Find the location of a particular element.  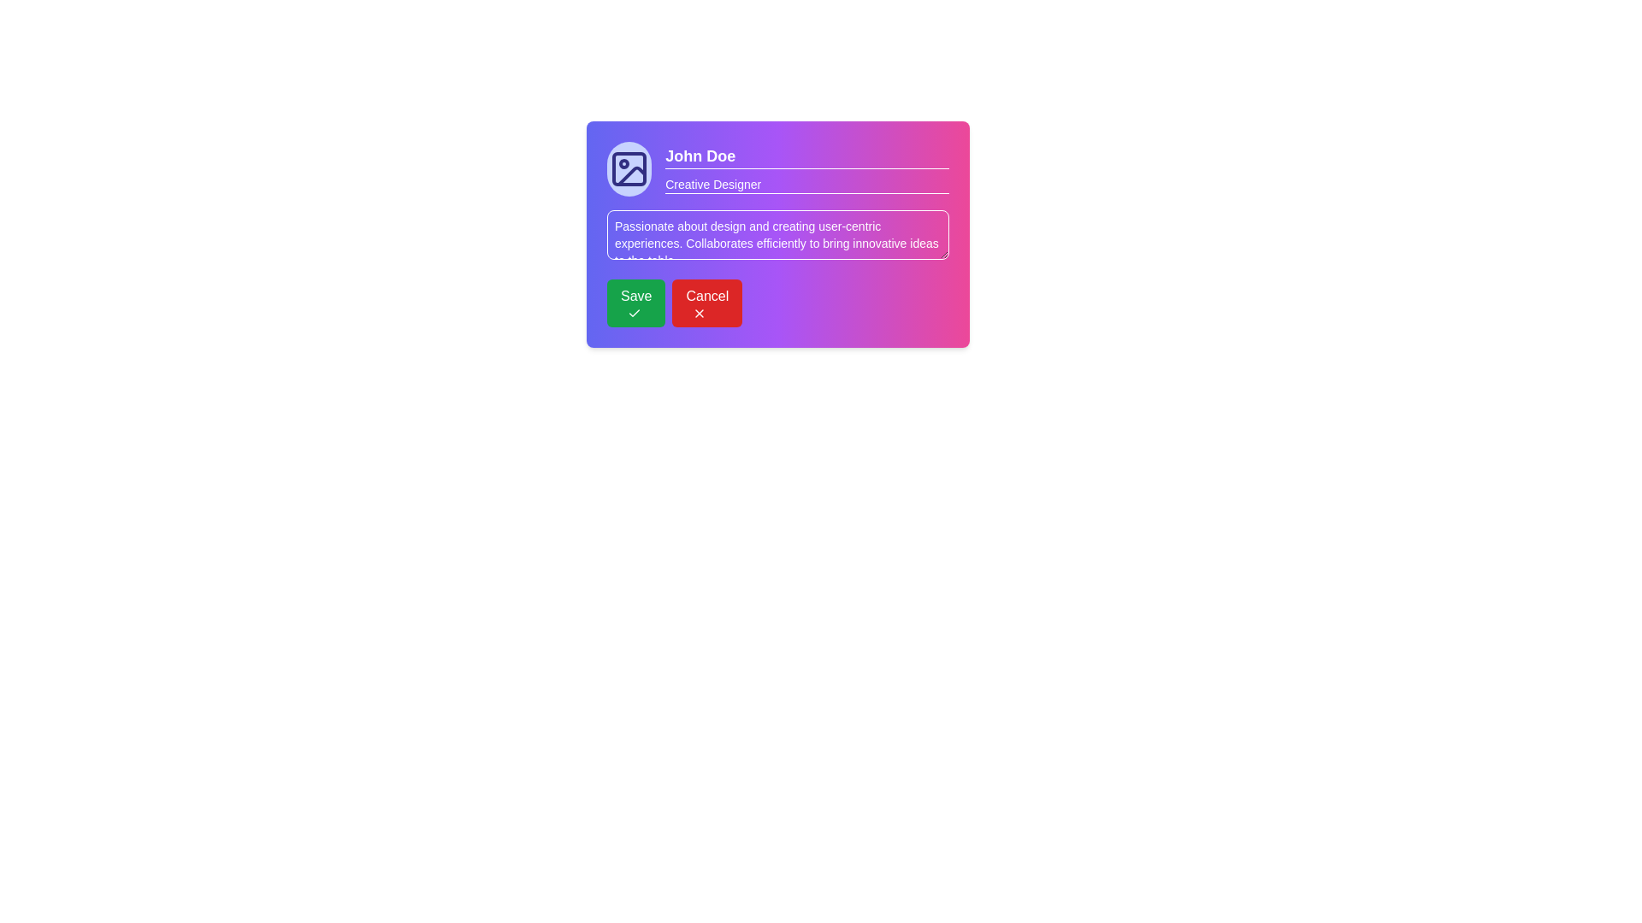

the Profile Placeholder Icon, which is the first item on the left in the card's header section, aligned with the text fields for 'John Doe' and 'Creative Designer' is located at coordinates (629, 168).